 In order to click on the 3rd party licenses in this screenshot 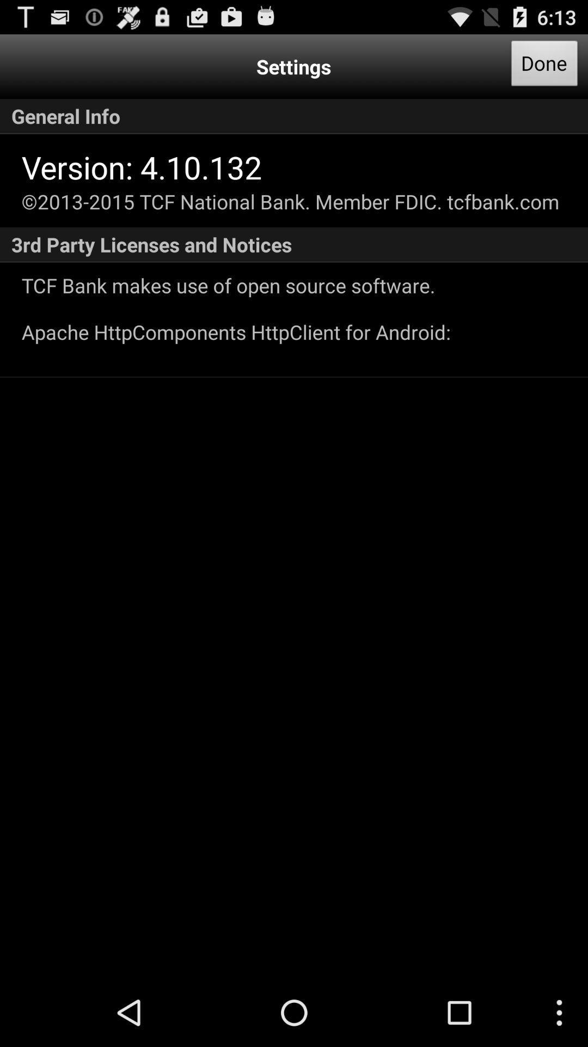, I will do `click(294, 244)`.